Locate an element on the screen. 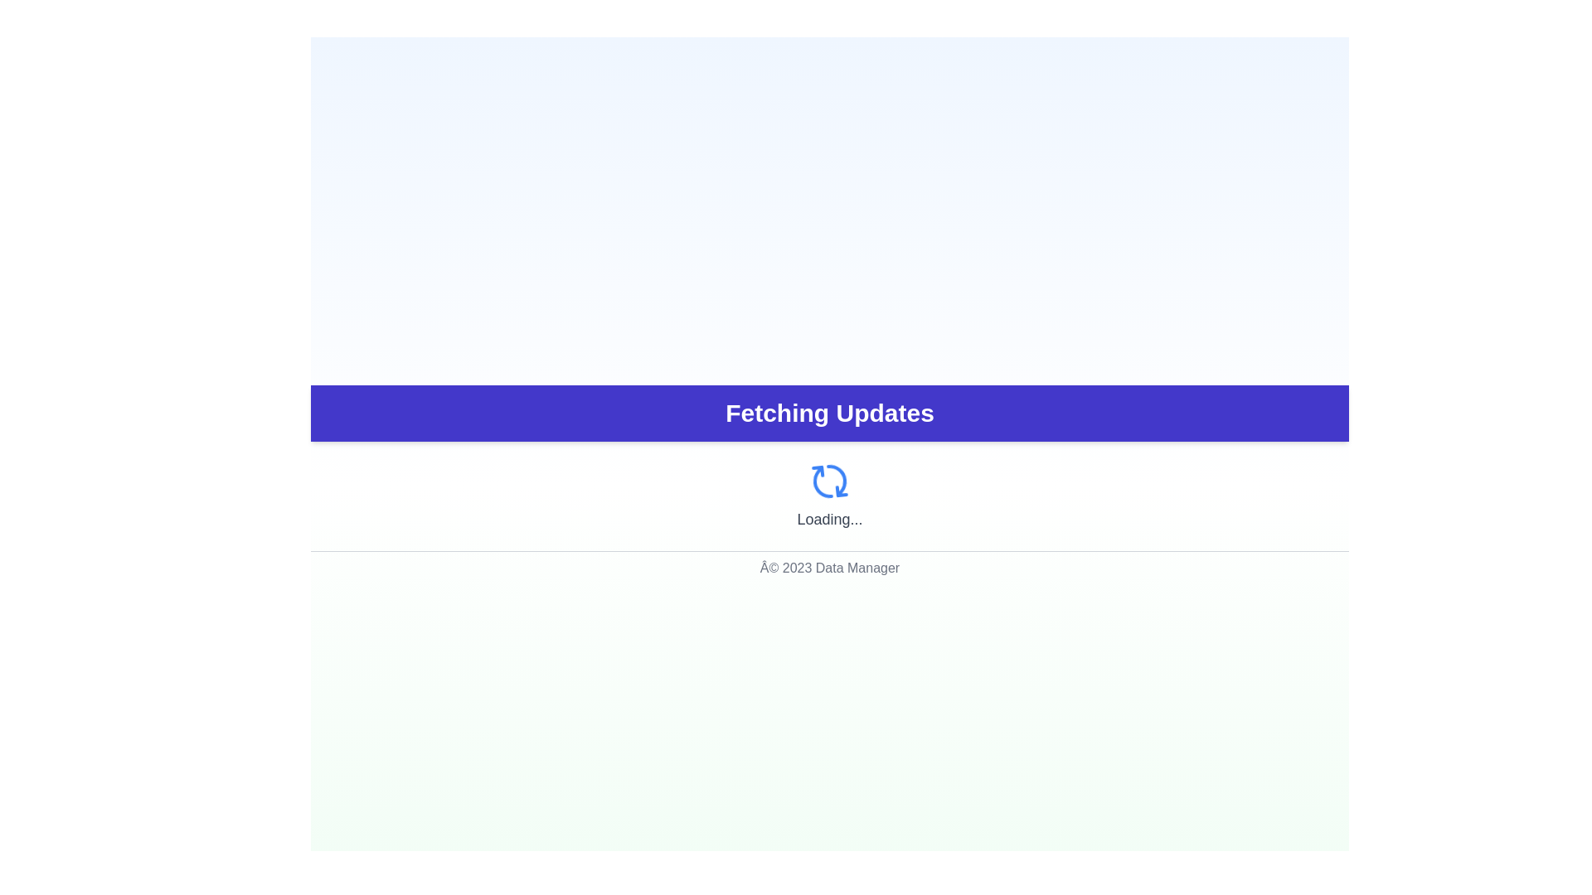  the loading indicator, which is centrally aligned below the blue header bar that says 'Fetching Updates' is located at coordinates (829, 495).